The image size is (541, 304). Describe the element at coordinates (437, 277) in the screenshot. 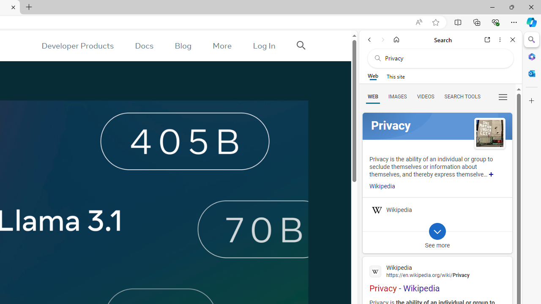

I see `'Privacy - Wikipedia'` at that location.